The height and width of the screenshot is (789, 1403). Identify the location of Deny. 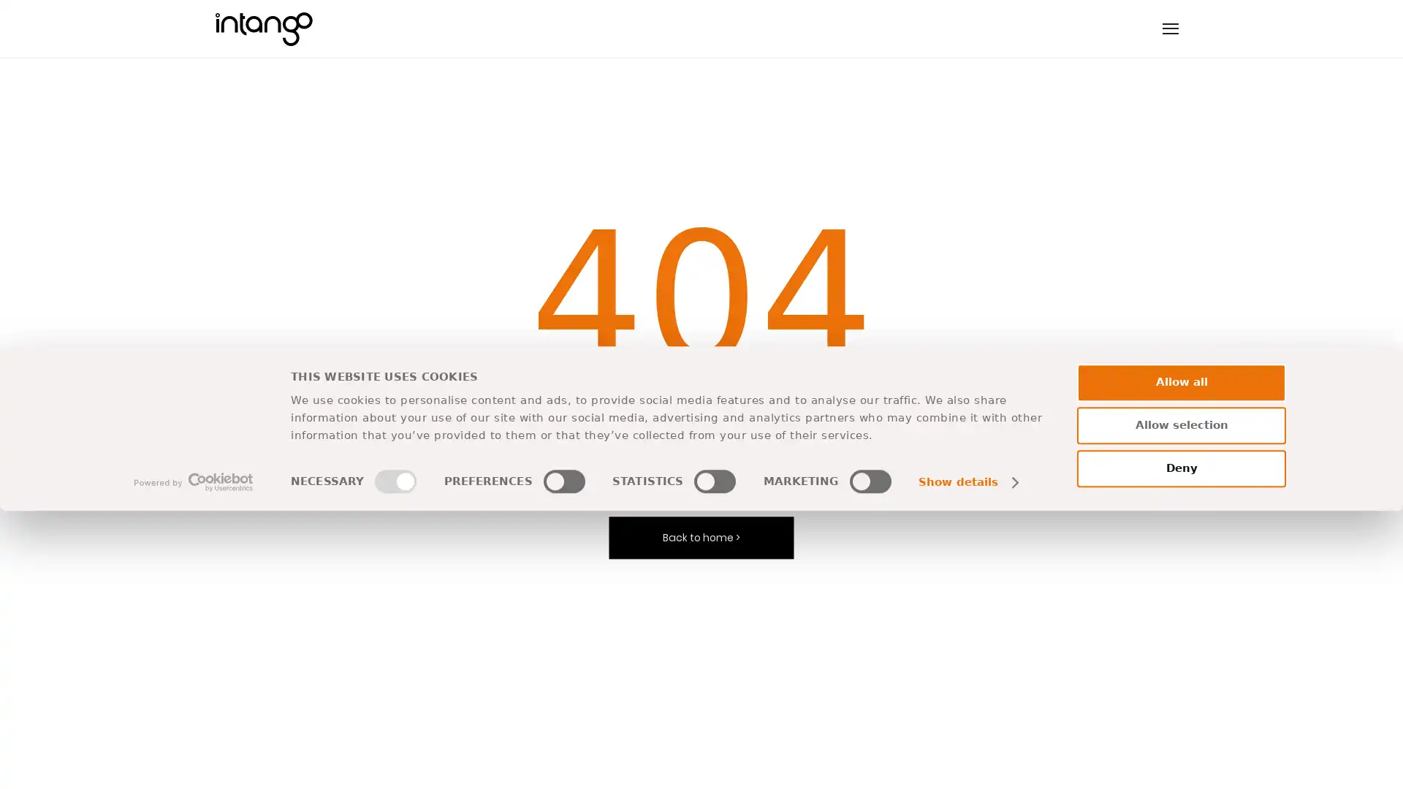
(1182, 747).